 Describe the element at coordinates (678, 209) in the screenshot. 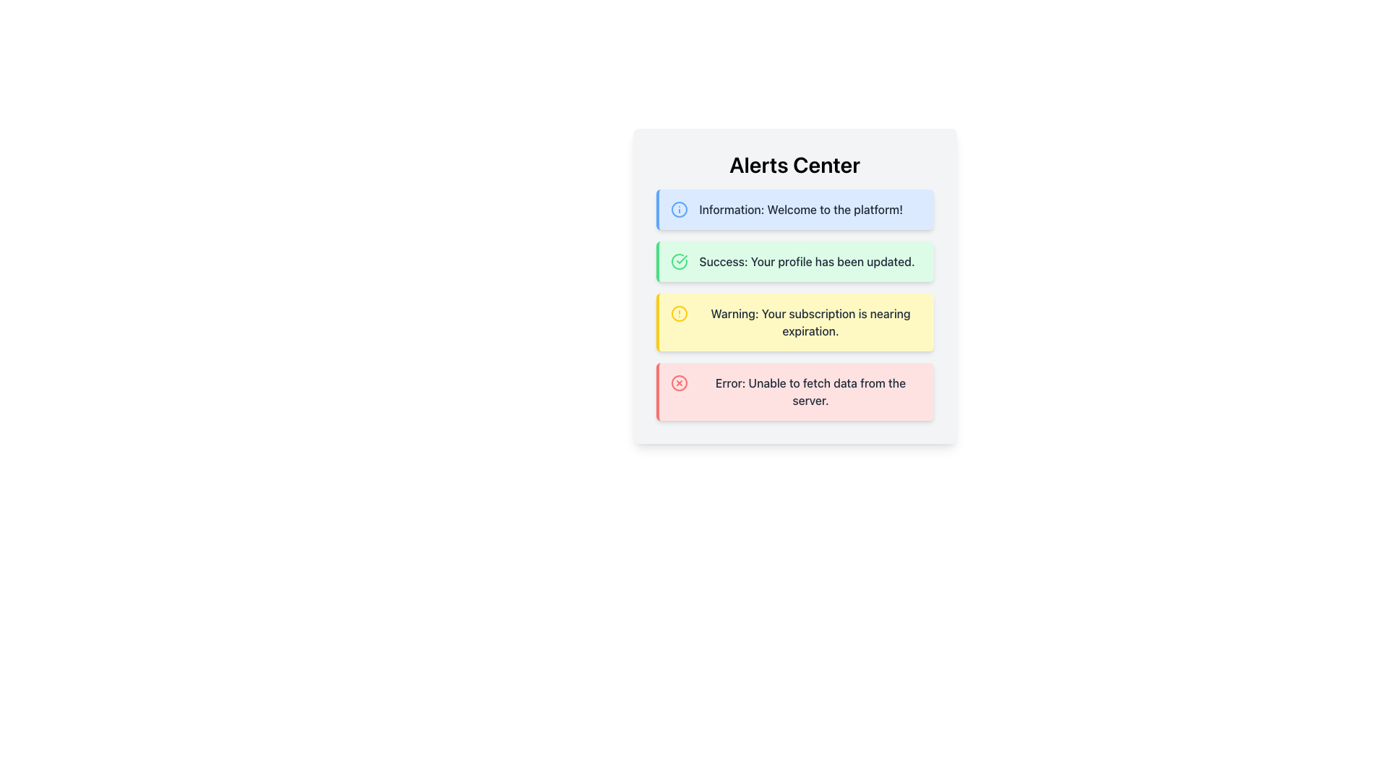

I see `the circular information icon located inside the 'Information' notification card in the 'Alerts Center' section, which is the first of four vertically listed cards` at that location.